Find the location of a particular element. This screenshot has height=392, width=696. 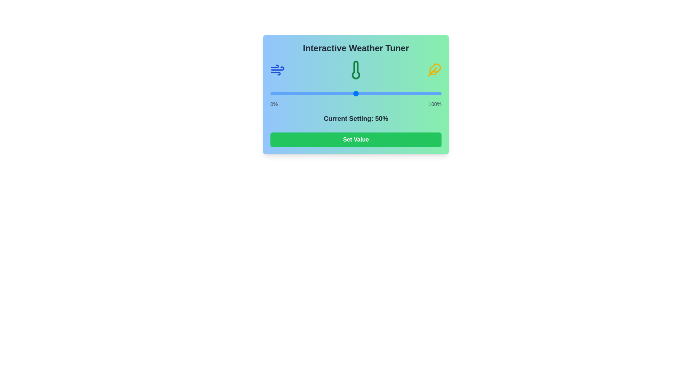

the slider to set its value to 32% is located at coordinates (325, 93).